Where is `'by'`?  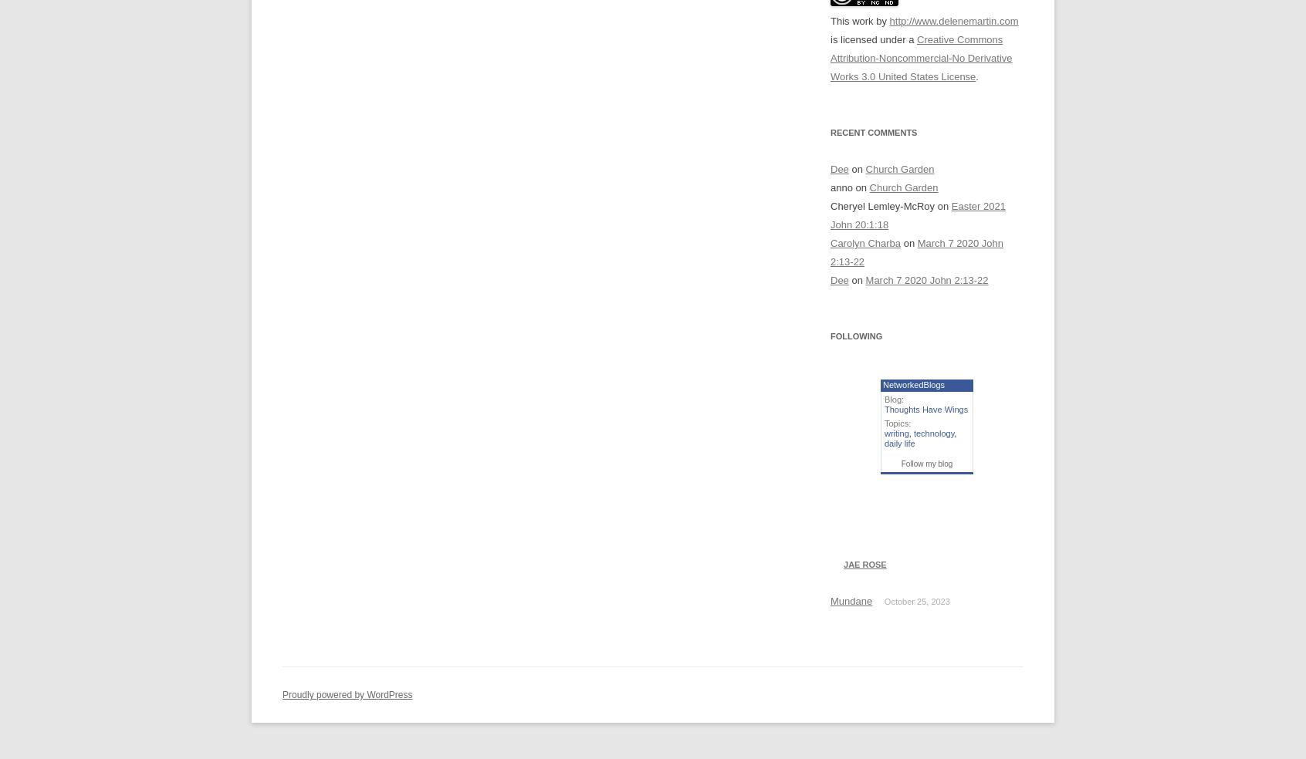 'by' is located at coordinates (880, 20).